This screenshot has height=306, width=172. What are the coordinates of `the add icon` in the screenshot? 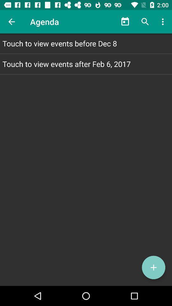 It's located at (153, 267).